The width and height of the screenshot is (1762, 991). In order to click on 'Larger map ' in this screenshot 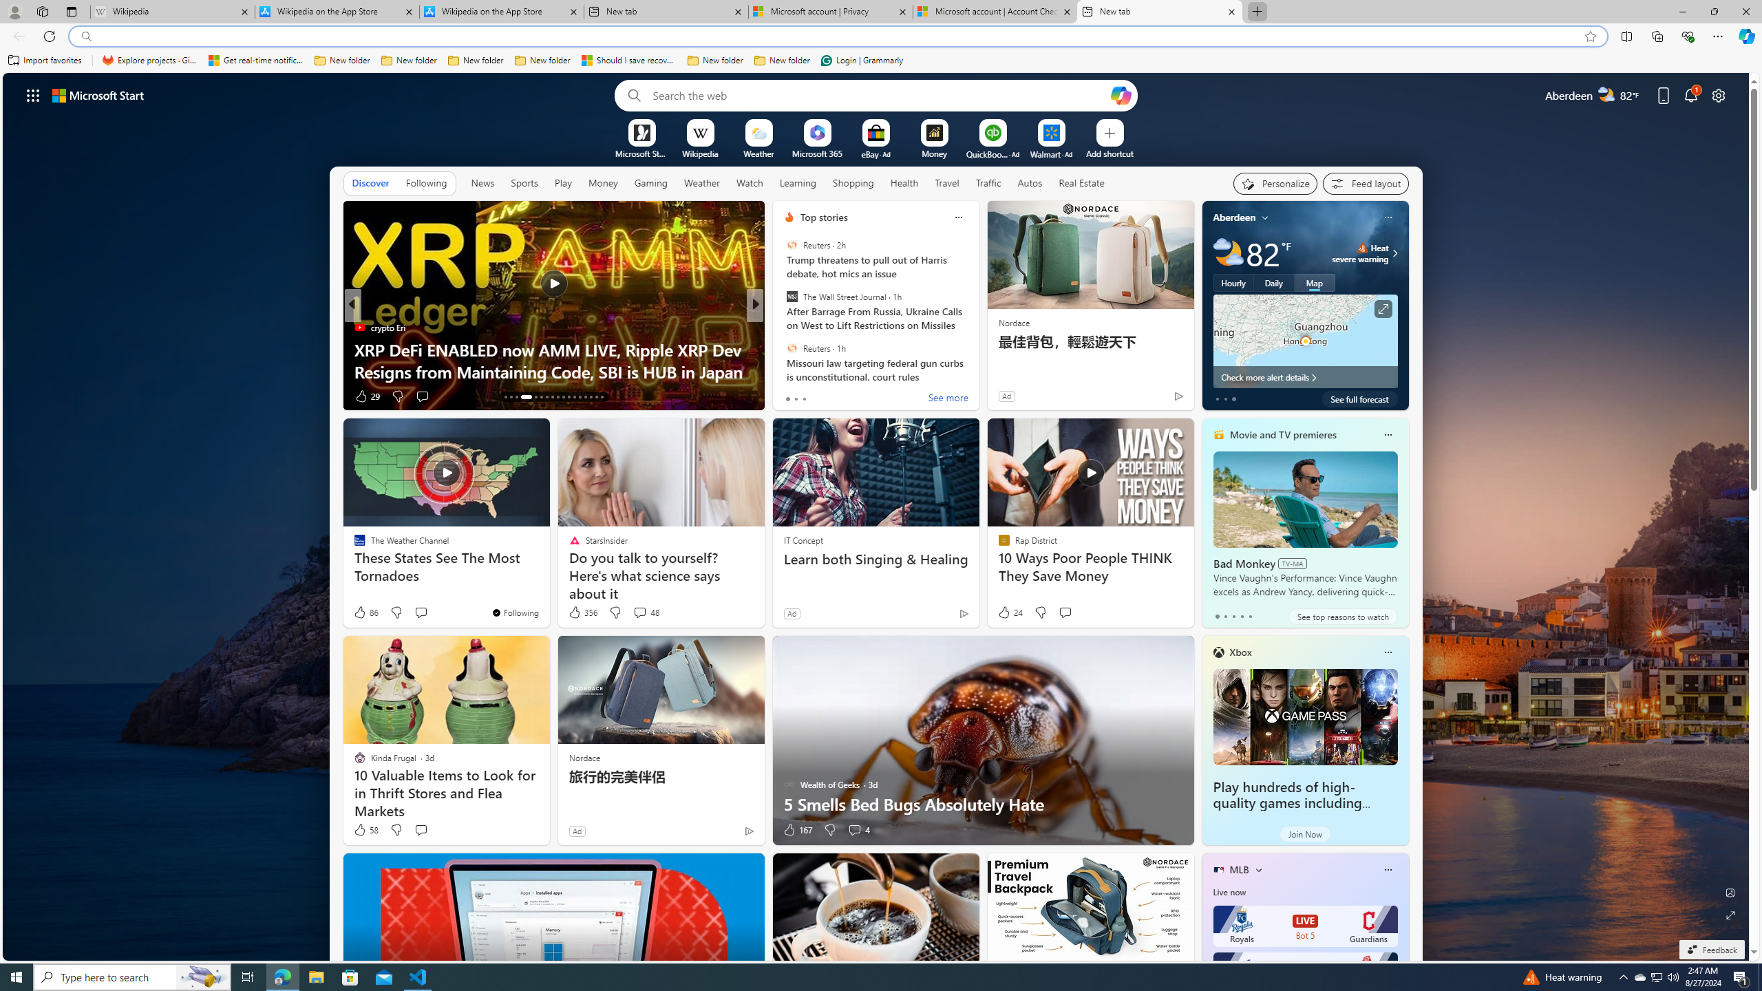, I will do `click(1304, 341)`.